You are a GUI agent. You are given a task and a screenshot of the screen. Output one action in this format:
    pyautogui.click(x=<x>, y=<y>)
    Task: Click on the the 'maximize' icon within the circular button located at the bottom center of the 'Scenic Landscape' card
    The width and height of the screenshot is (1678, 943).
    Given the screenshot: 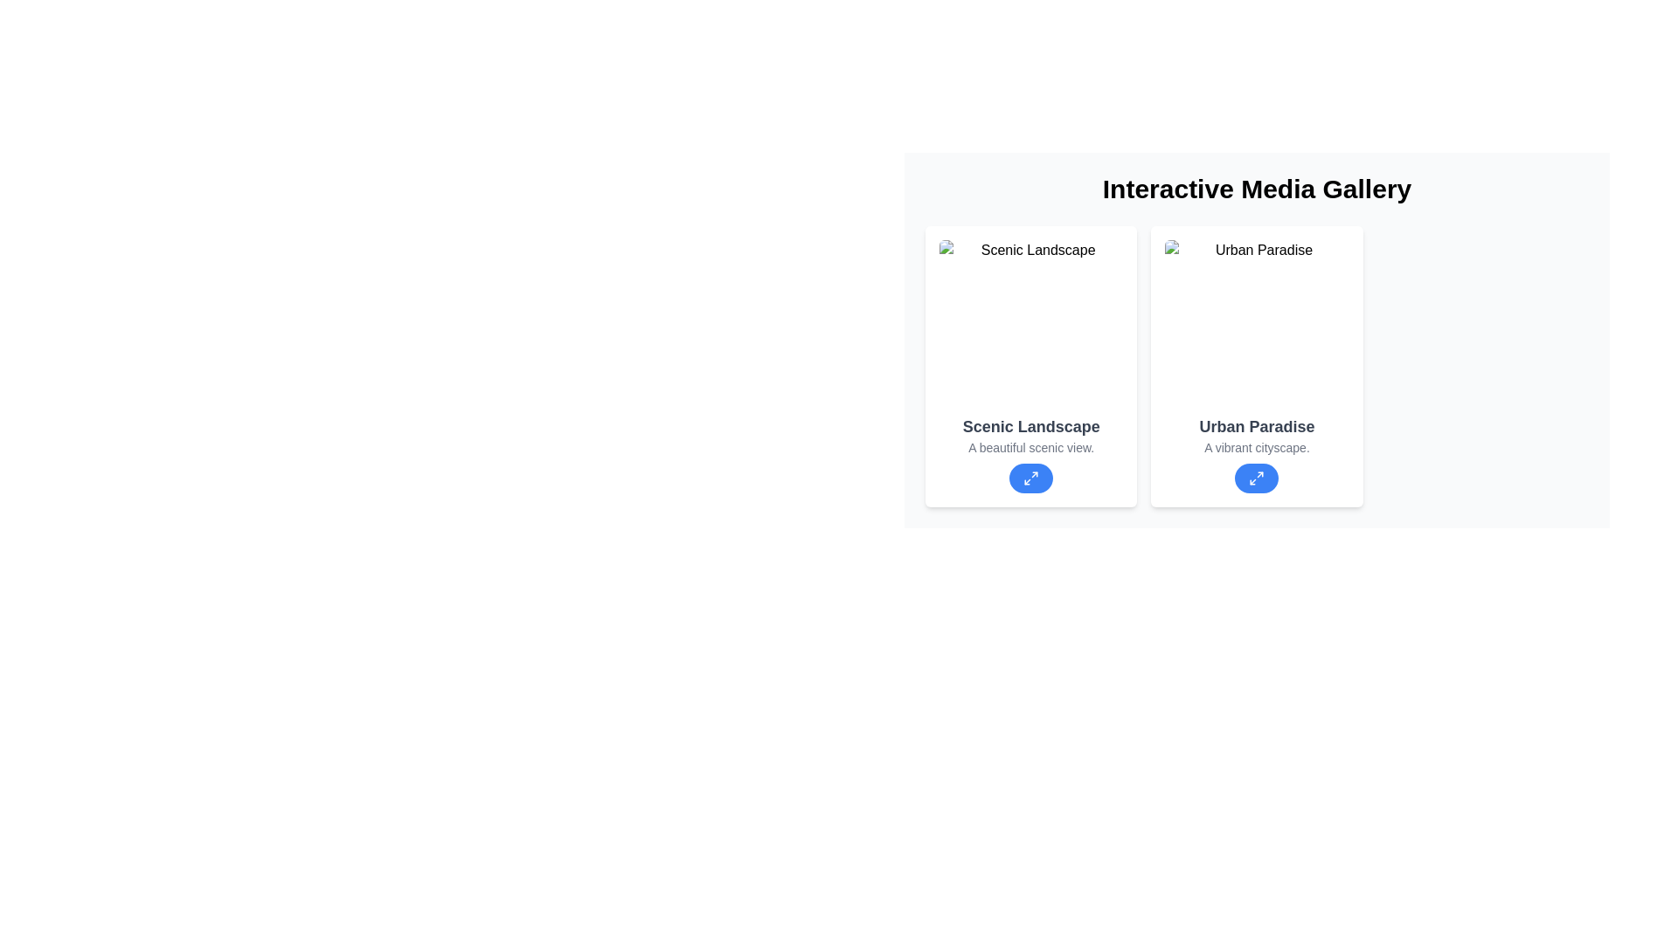 What is the action you would take?
    pyautogui.click(x=1031, y=478)
    